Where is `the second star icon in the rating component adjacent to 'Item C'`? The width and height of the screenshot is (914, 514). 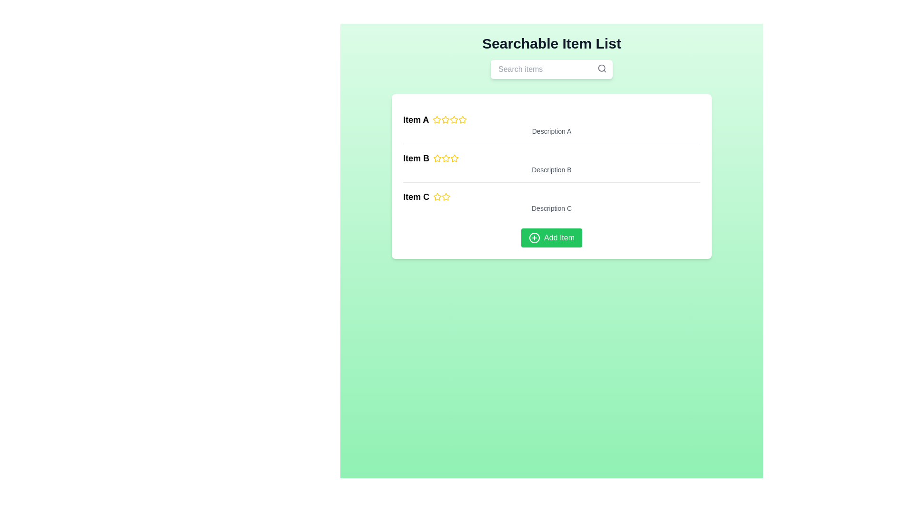 the second star icon in the rating component adjacent to 'Item C' is located at coordinates (445, 196).